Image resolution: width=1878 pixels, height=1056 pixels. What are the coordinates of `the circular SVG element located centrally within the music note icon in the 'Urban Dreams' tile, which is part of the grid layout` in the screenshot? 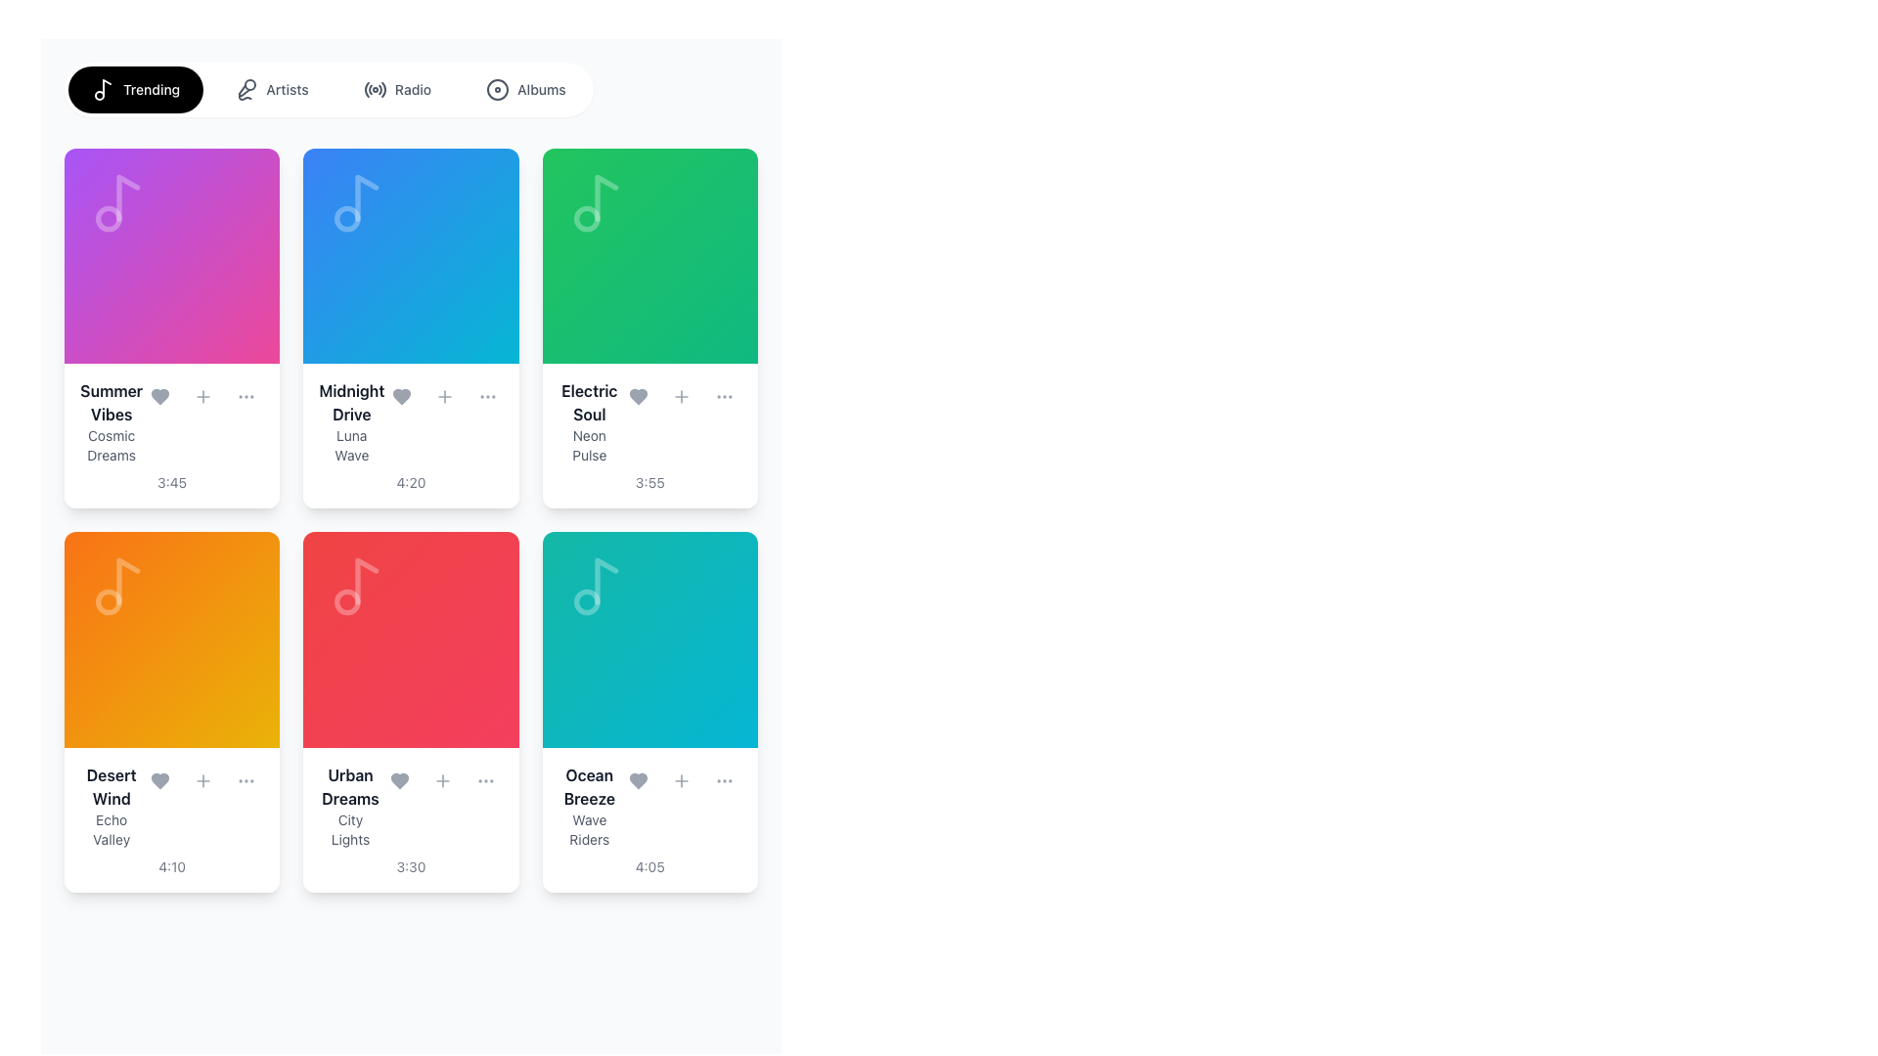 It's located at (347, 601).